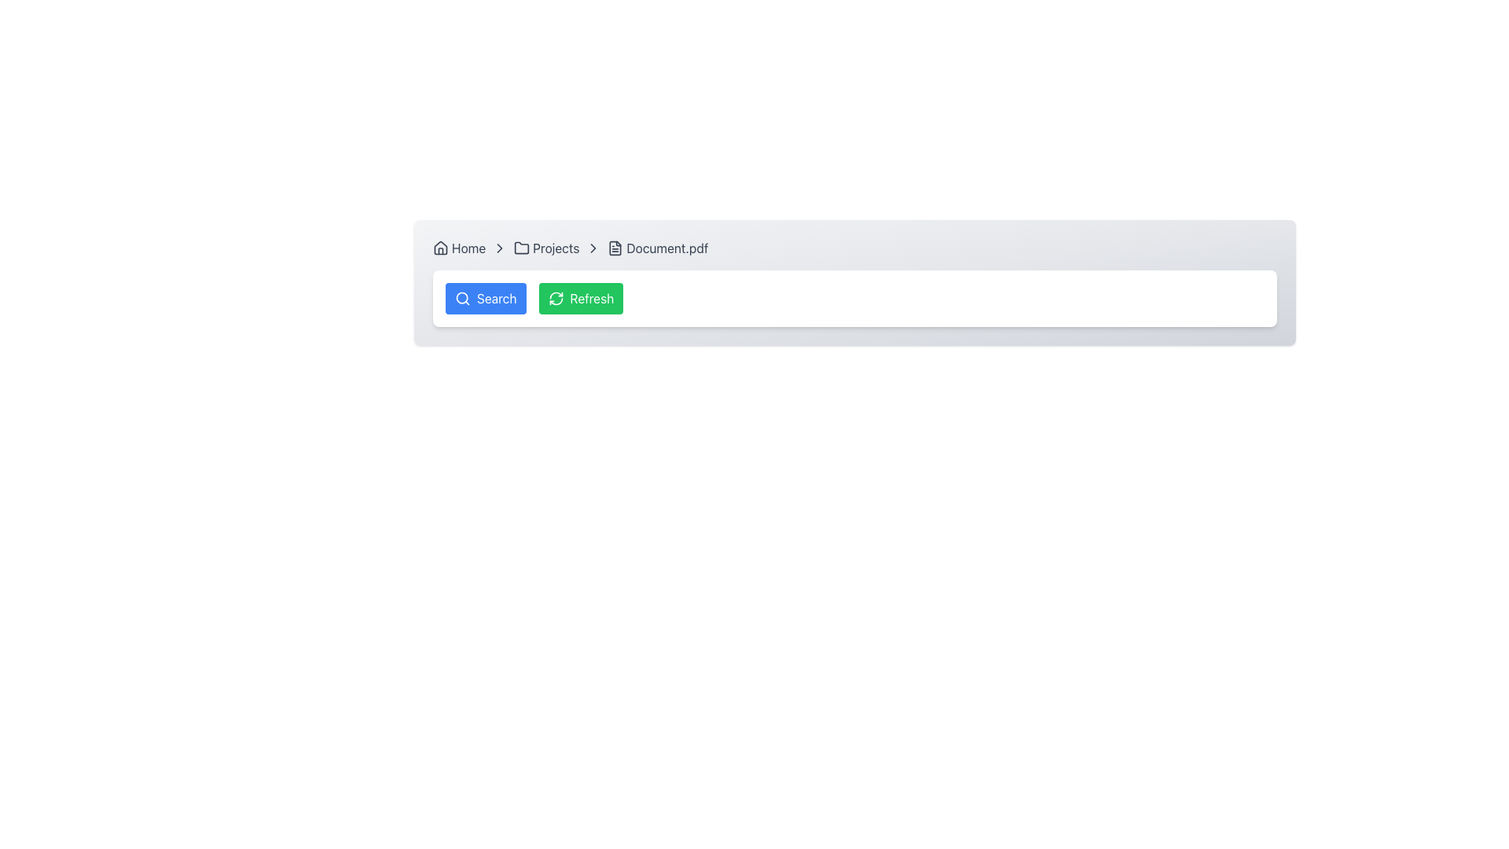  I want to click on the circular decoration of the search icon, which serves as the focal point of the icon, located to the left of the 'Search' button, so click(461, 298).